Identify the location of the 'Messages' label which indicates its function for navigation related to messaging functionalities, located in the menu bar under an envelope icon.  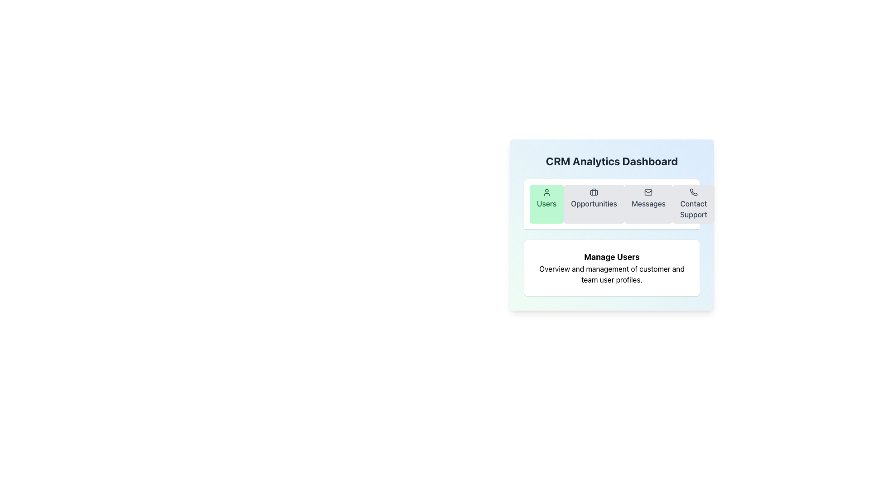
(648, 204).